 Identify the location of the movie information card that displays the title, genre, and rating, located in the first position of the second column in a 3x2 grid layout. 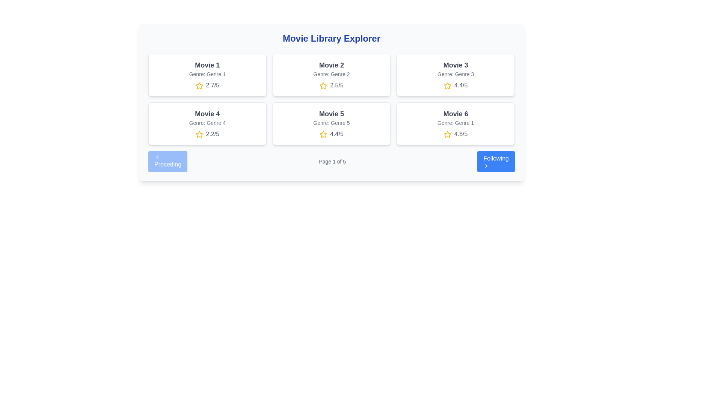
(455, 75).